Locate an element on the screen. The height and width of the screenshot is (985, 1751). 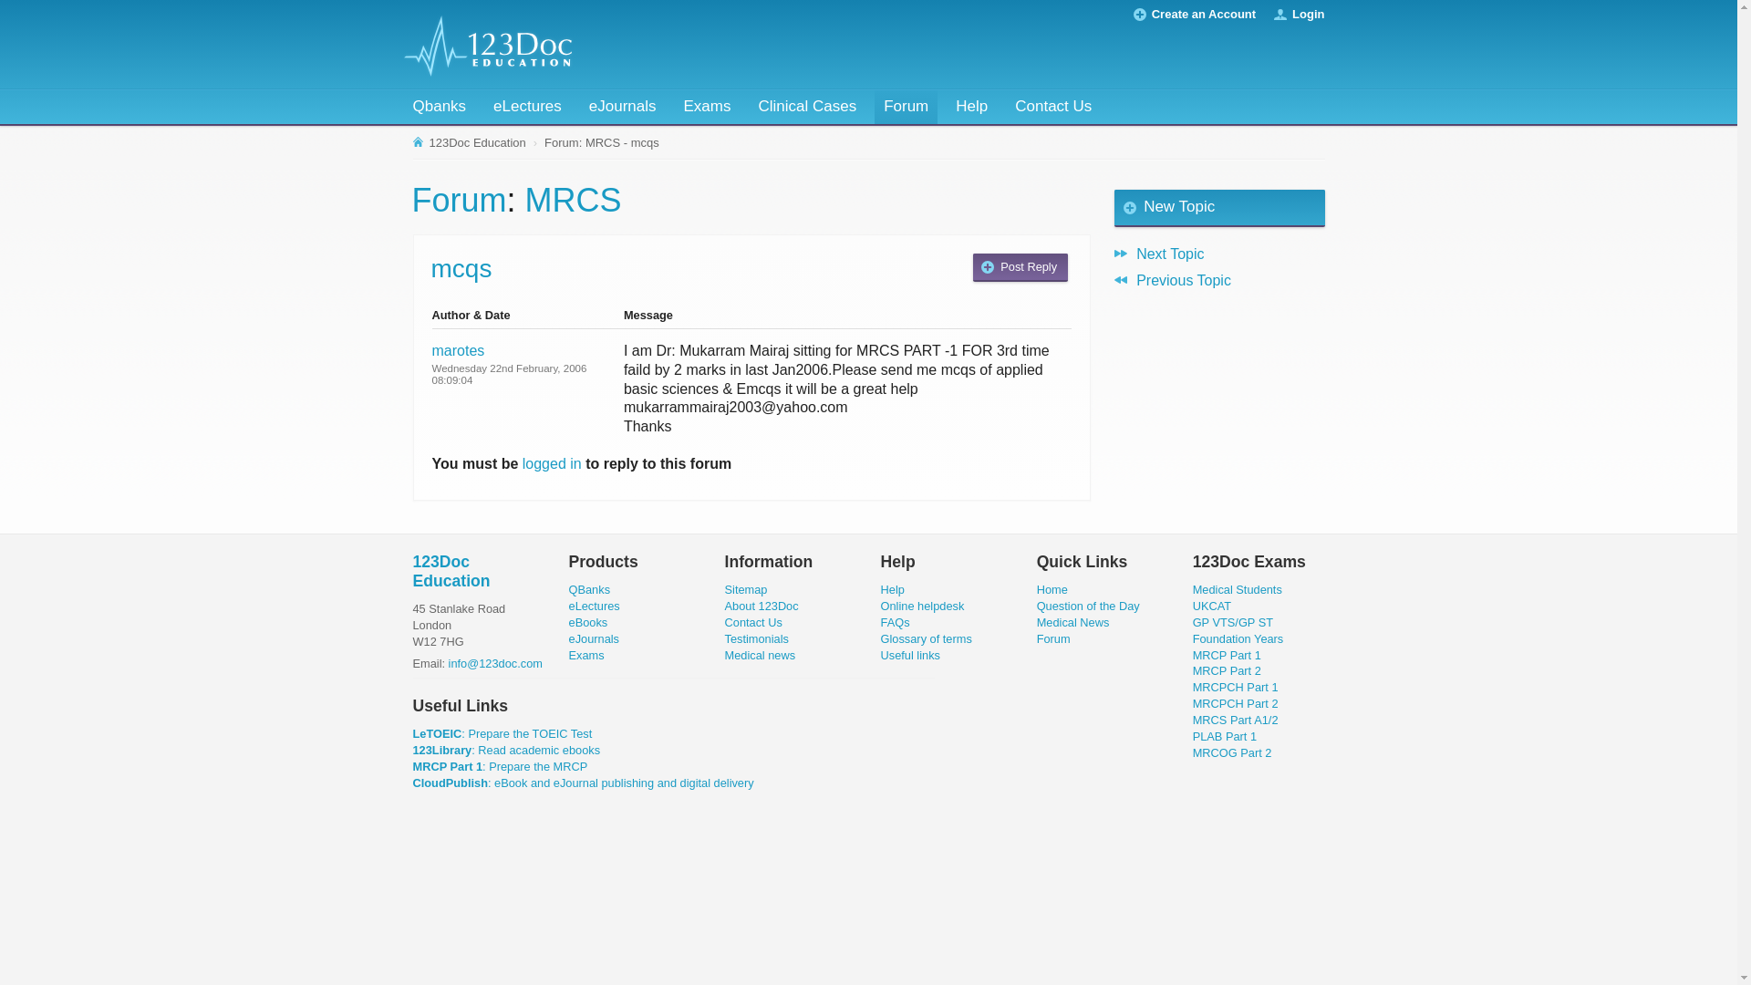
'UKCAT' is located at coordinates (1212, 606).